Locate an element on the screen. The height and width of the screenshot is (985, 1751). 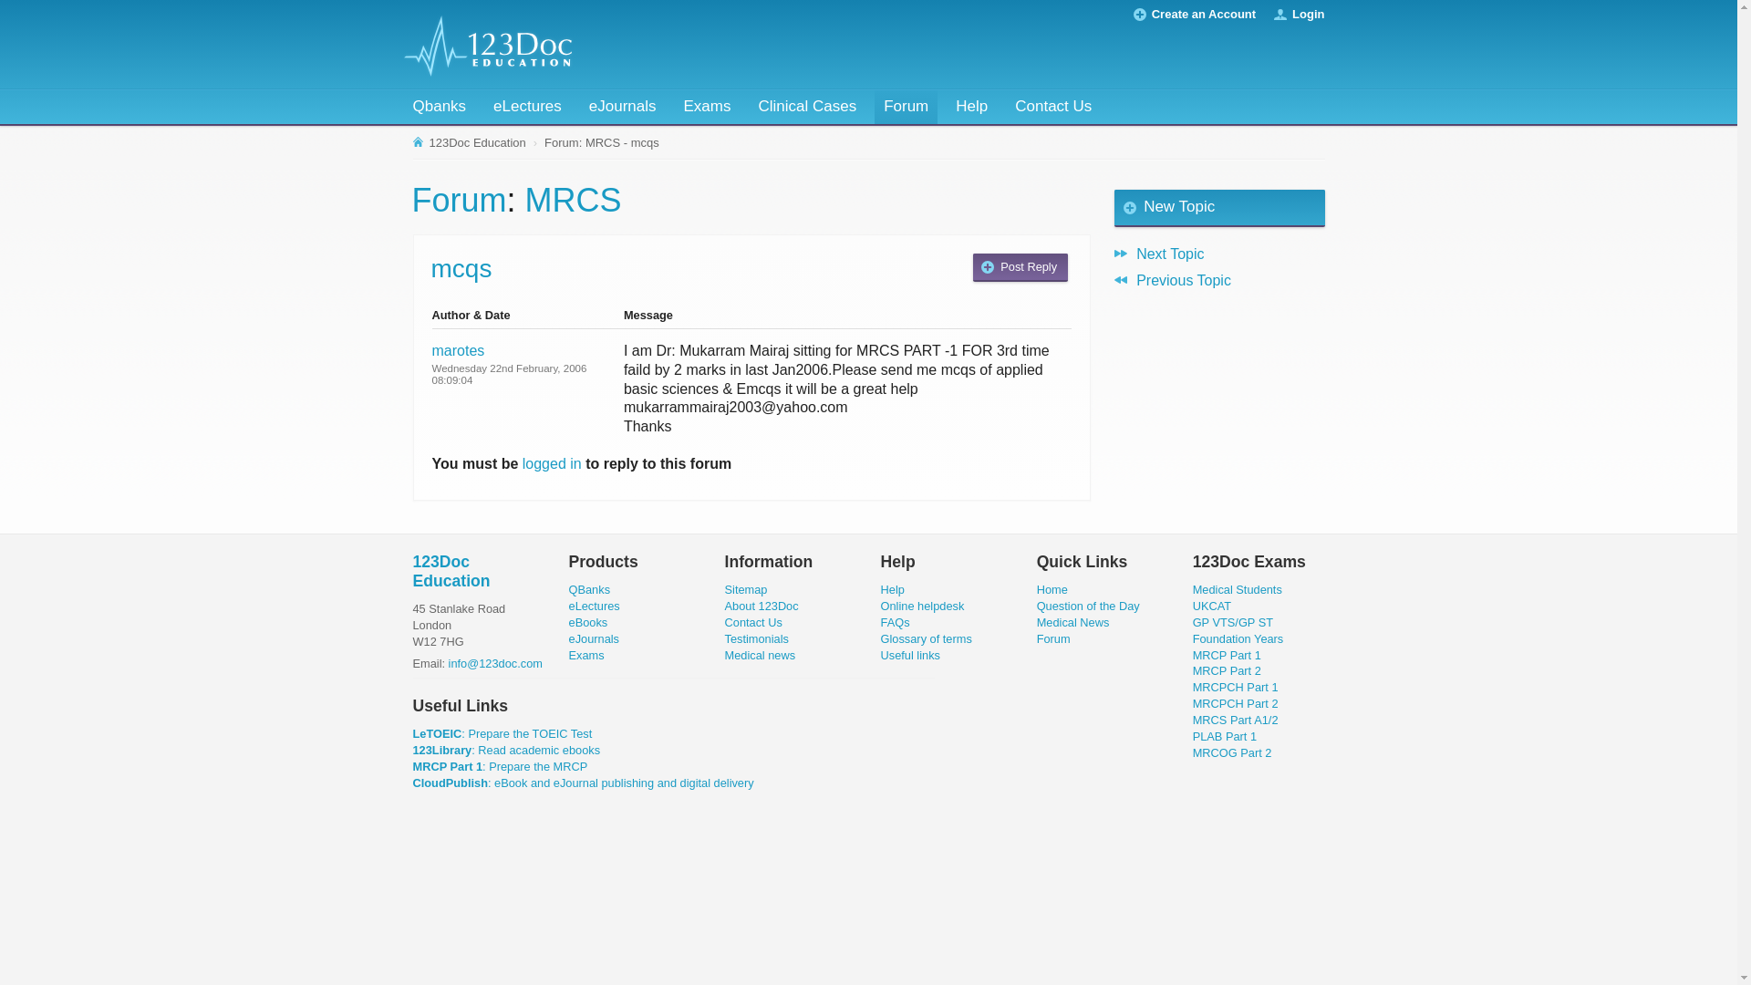
'UKCAT' is located at coordinates (1212, 606).